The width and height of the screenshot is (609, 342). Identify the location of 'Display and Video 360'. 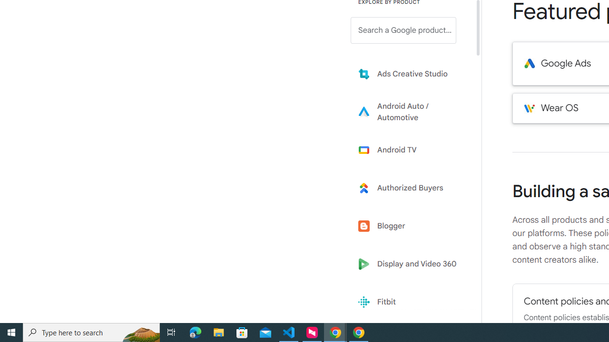
(410, 264).